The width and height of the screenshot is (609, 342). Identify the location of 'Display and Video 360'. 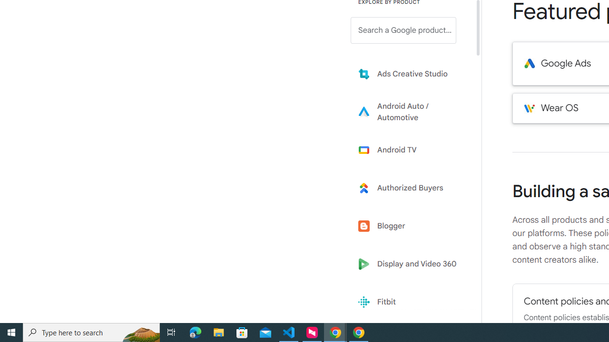
(410, 264).